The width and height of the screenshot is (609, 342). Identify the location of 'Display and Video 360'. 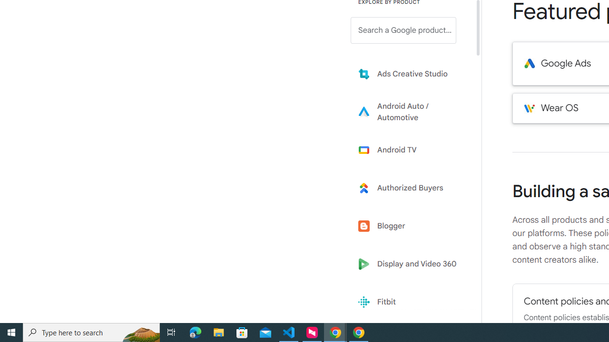
(410, 264).